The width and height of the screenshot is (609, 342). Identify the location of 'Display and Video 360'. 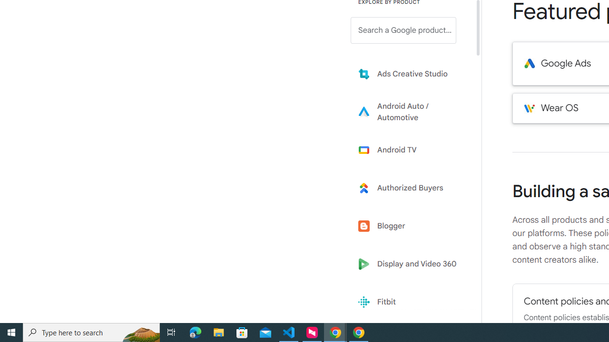
(410, 264).